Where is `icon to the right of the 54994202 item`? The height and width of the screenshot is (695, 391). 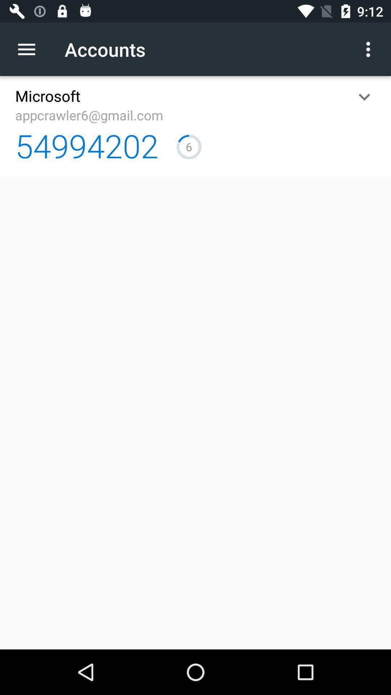
icon to the right of the 54994202 item is located at coordinates (188, 146).